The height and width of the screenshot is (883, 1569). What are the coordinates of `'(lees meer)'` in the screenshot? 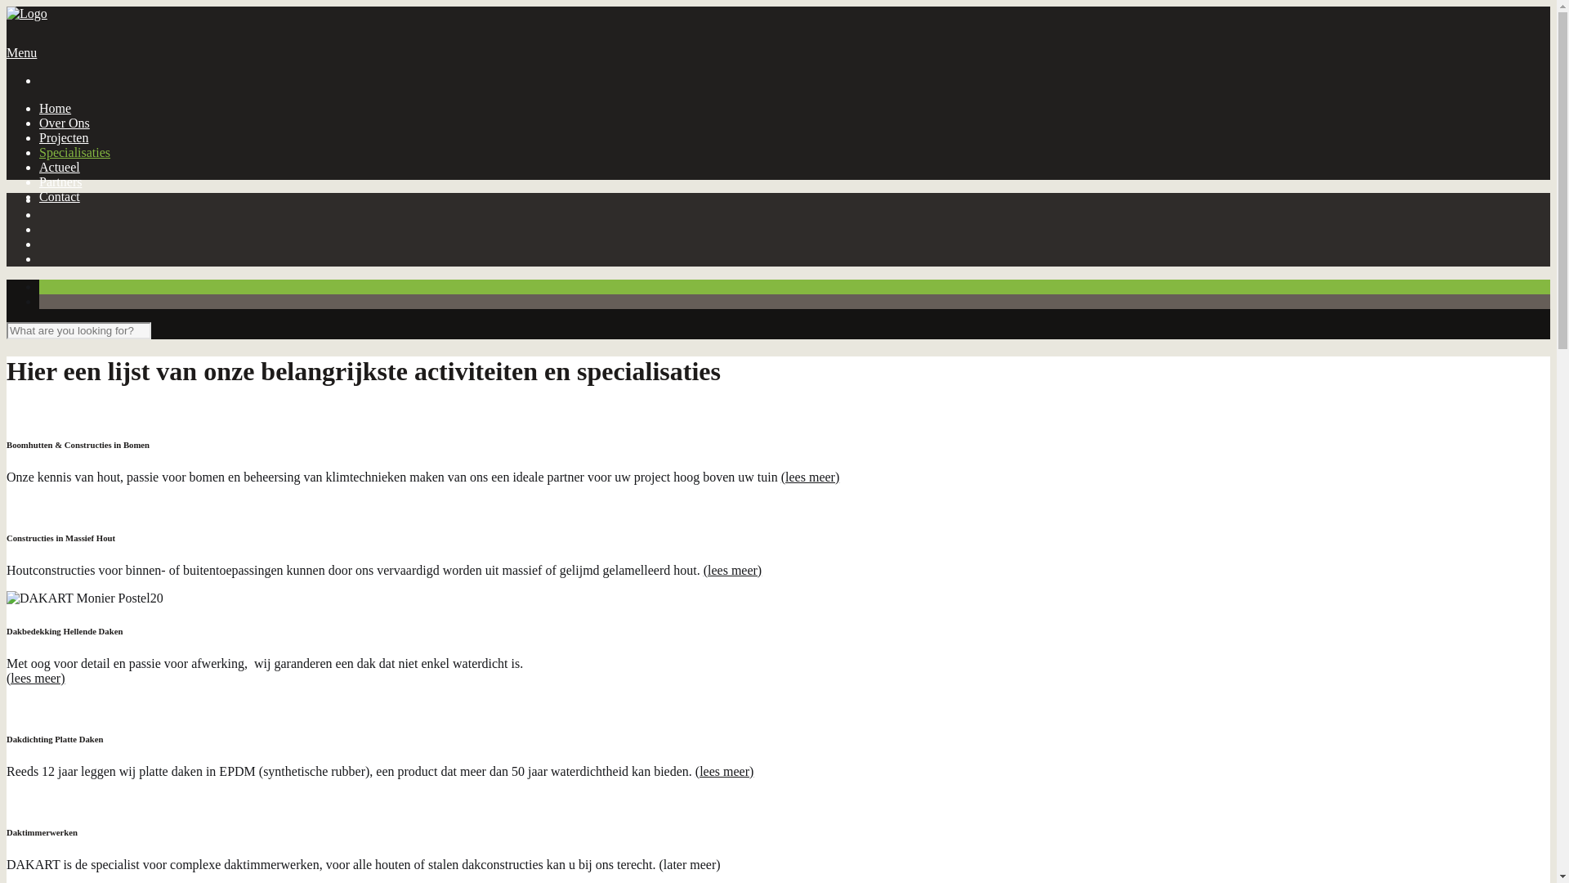 It's located at (724, 771).